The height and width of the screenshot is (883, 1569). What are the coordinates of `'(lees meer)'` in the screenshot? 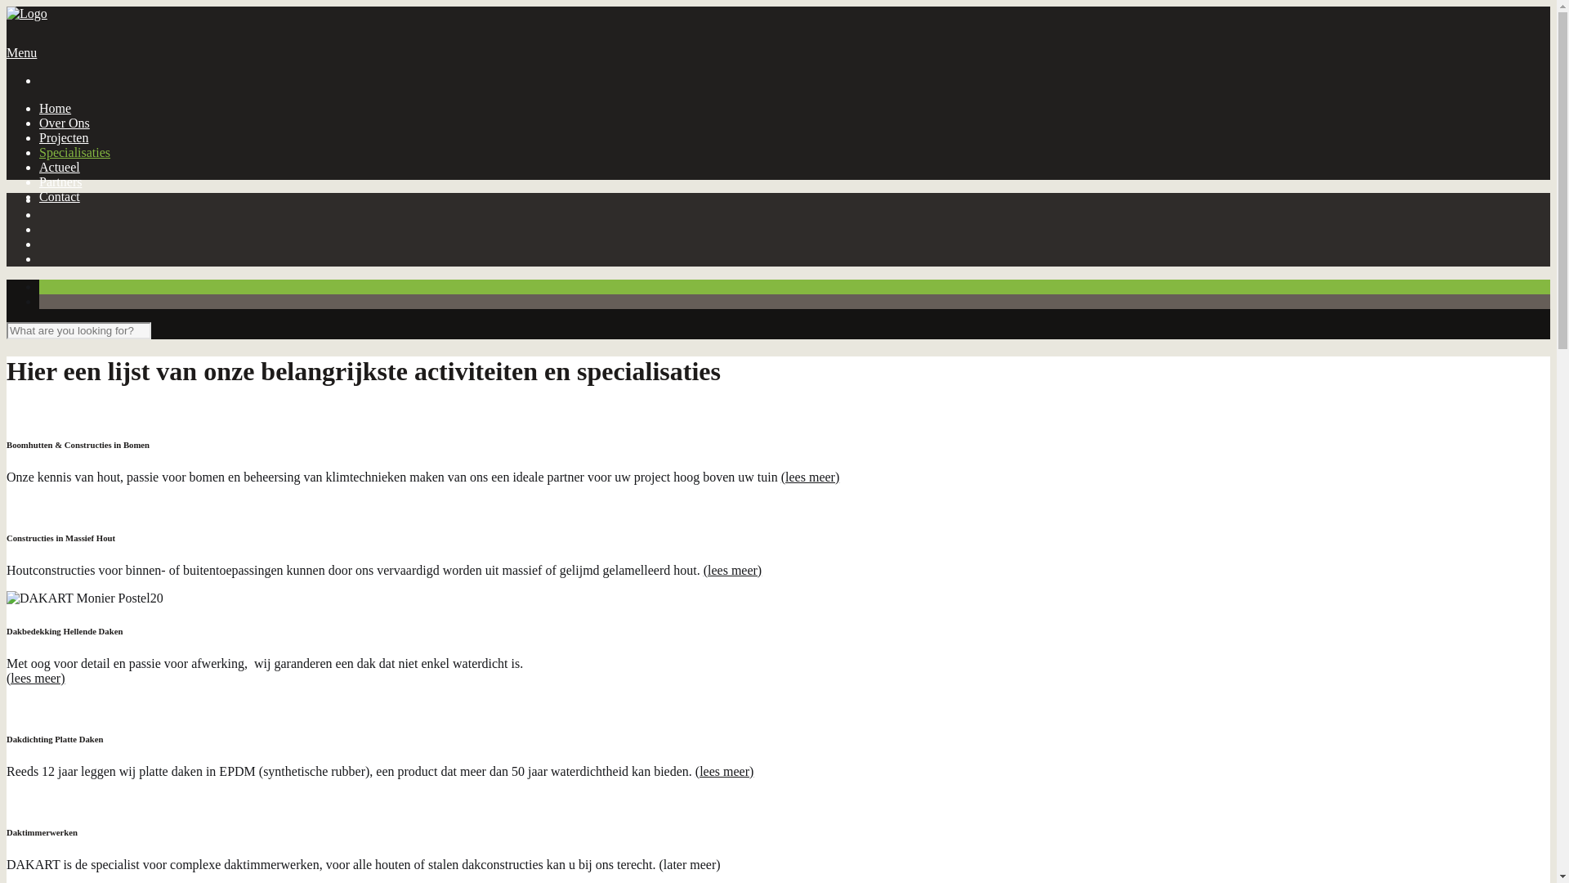 It's located at (724, 771).